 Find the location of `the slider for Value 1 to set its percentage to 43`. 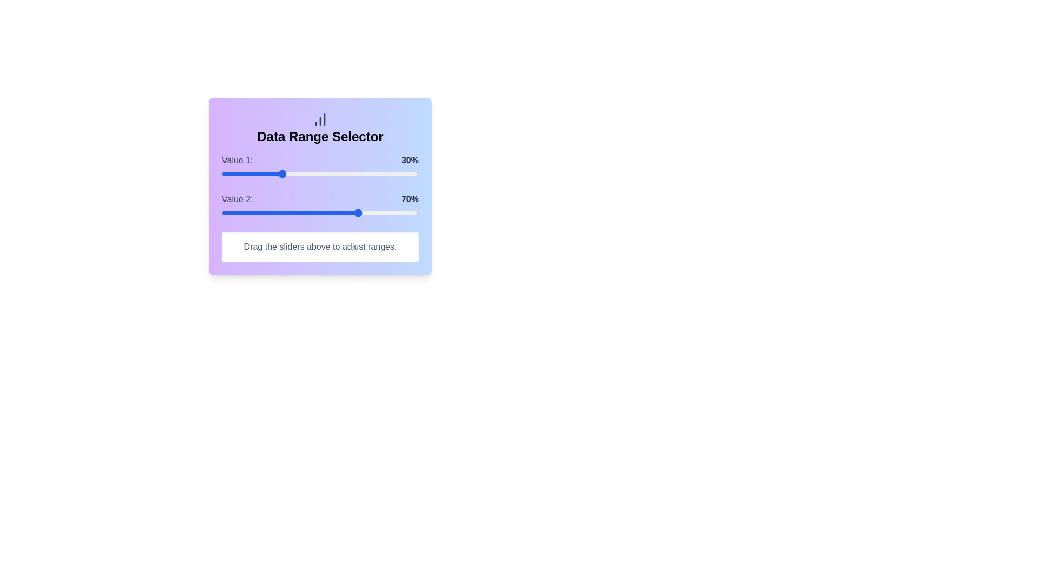

the slider for Value 1 to set its percentage to 43 is located at coordinates (306, 173).